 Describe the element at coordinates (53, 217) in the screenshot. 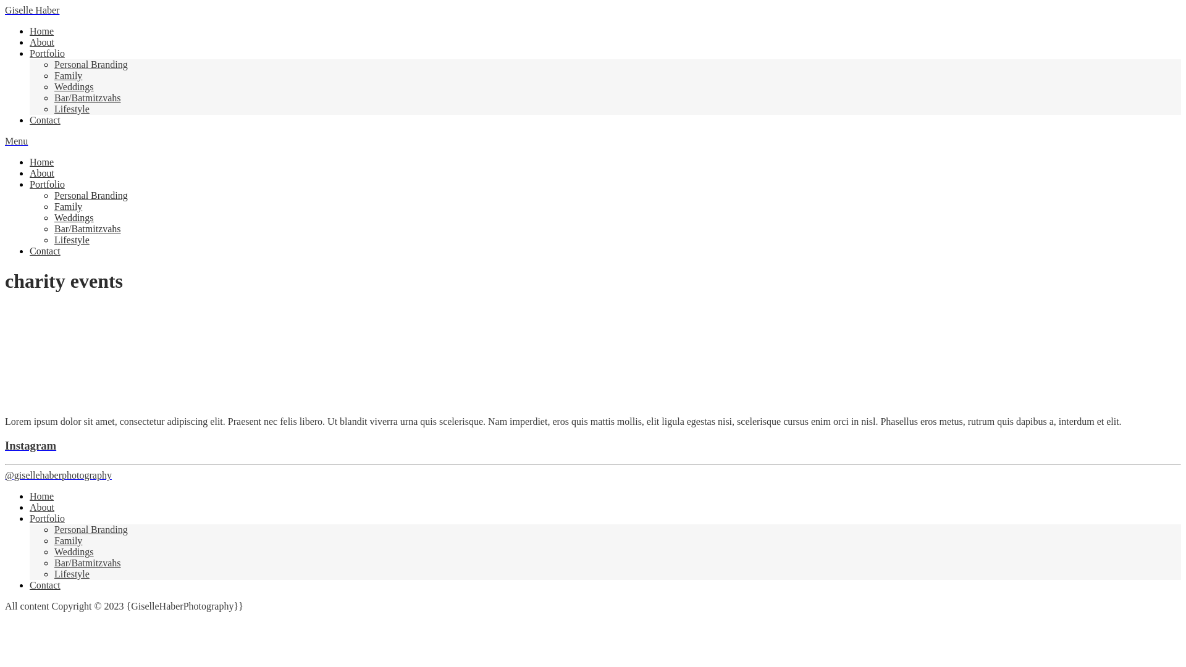

I see `'Weddings'` at that location.